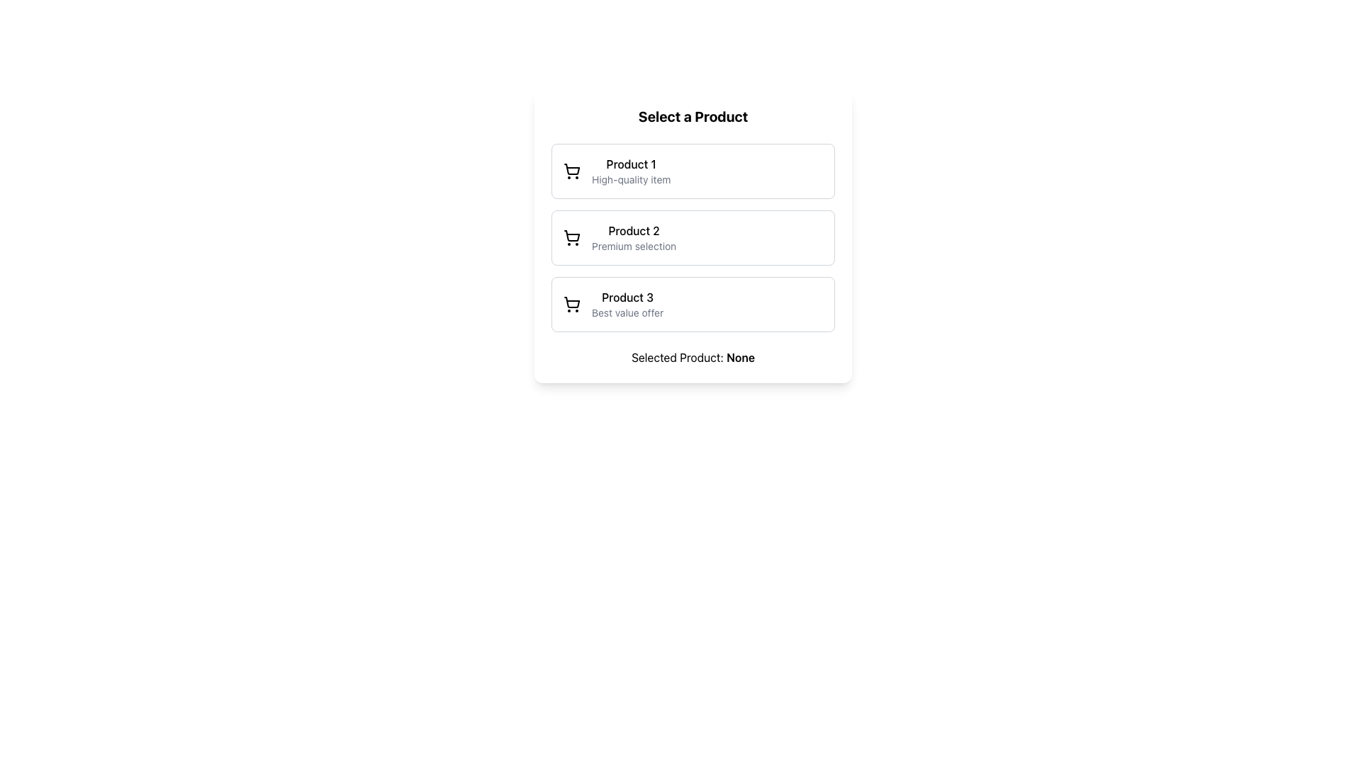 This screenshot has width=1361, height=765. I want to click on the descriptive label for the selectable product located in the first row under the header 'Select a Product', so click(630, 171).